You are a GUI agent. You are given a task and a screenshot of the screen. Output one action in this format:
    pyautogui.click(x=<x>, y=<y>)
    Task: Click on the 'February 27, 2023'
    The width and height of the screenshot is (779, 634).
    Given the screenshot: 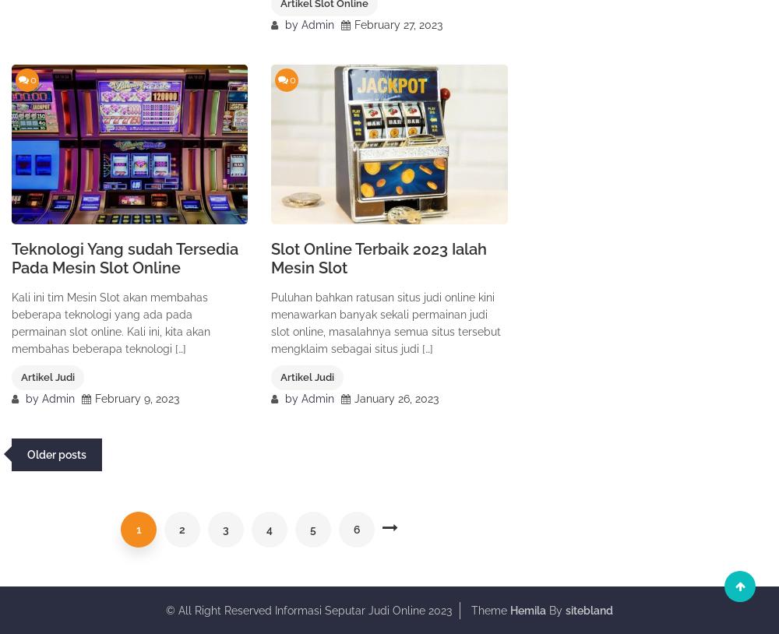 What is the action you would take?
    pyautogui.click(x=398, y=23)
    